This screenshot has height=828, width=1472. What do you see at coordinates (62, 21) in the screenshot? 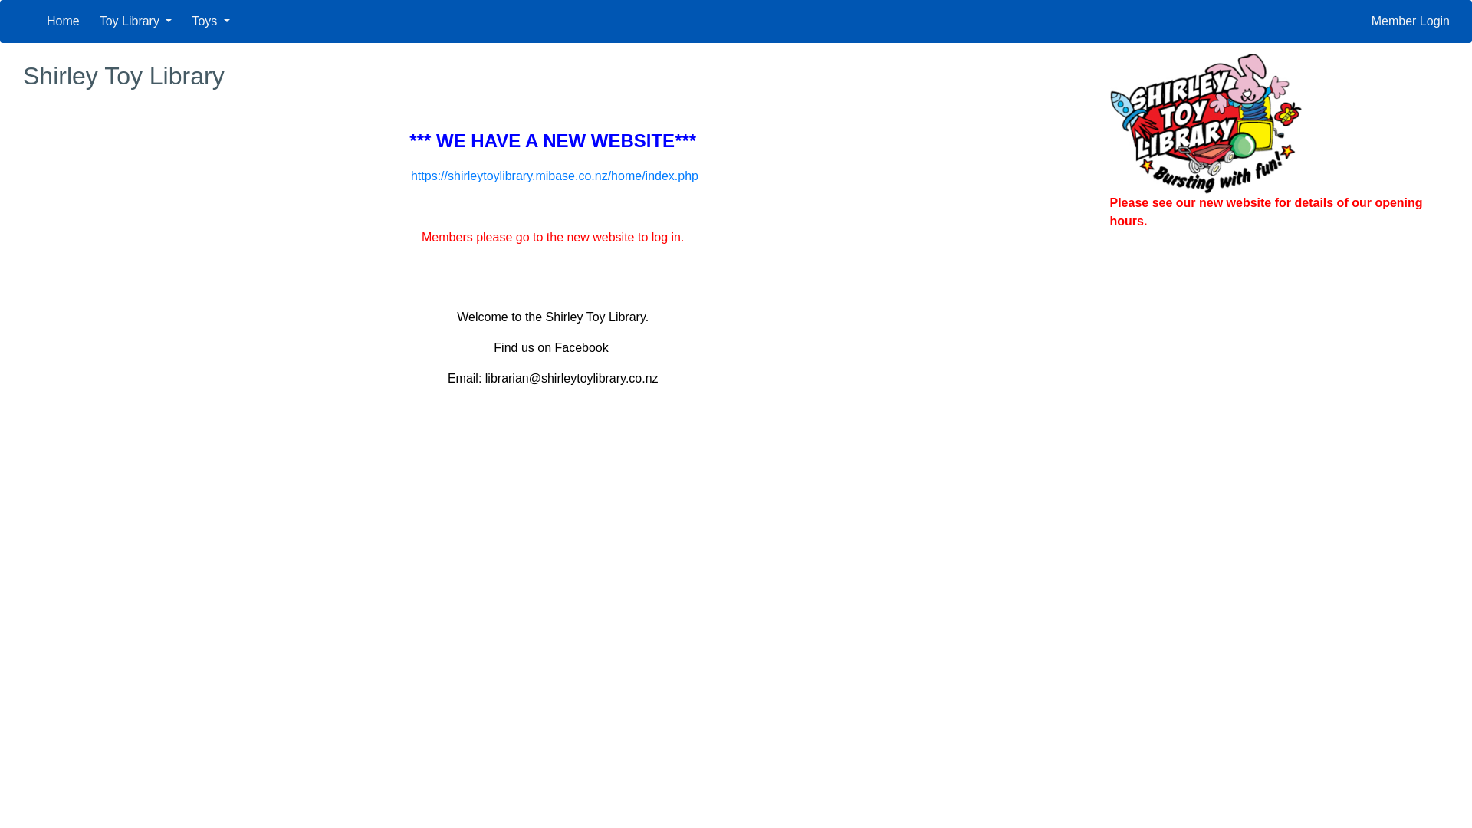
I see `'Home'` at bounding box center [62, 21].